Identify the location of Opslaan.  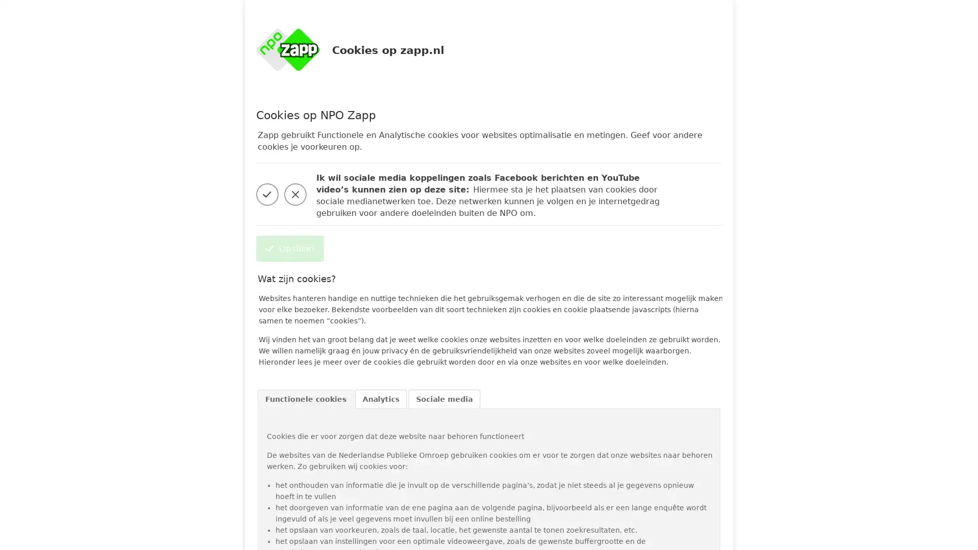
(289, 249).